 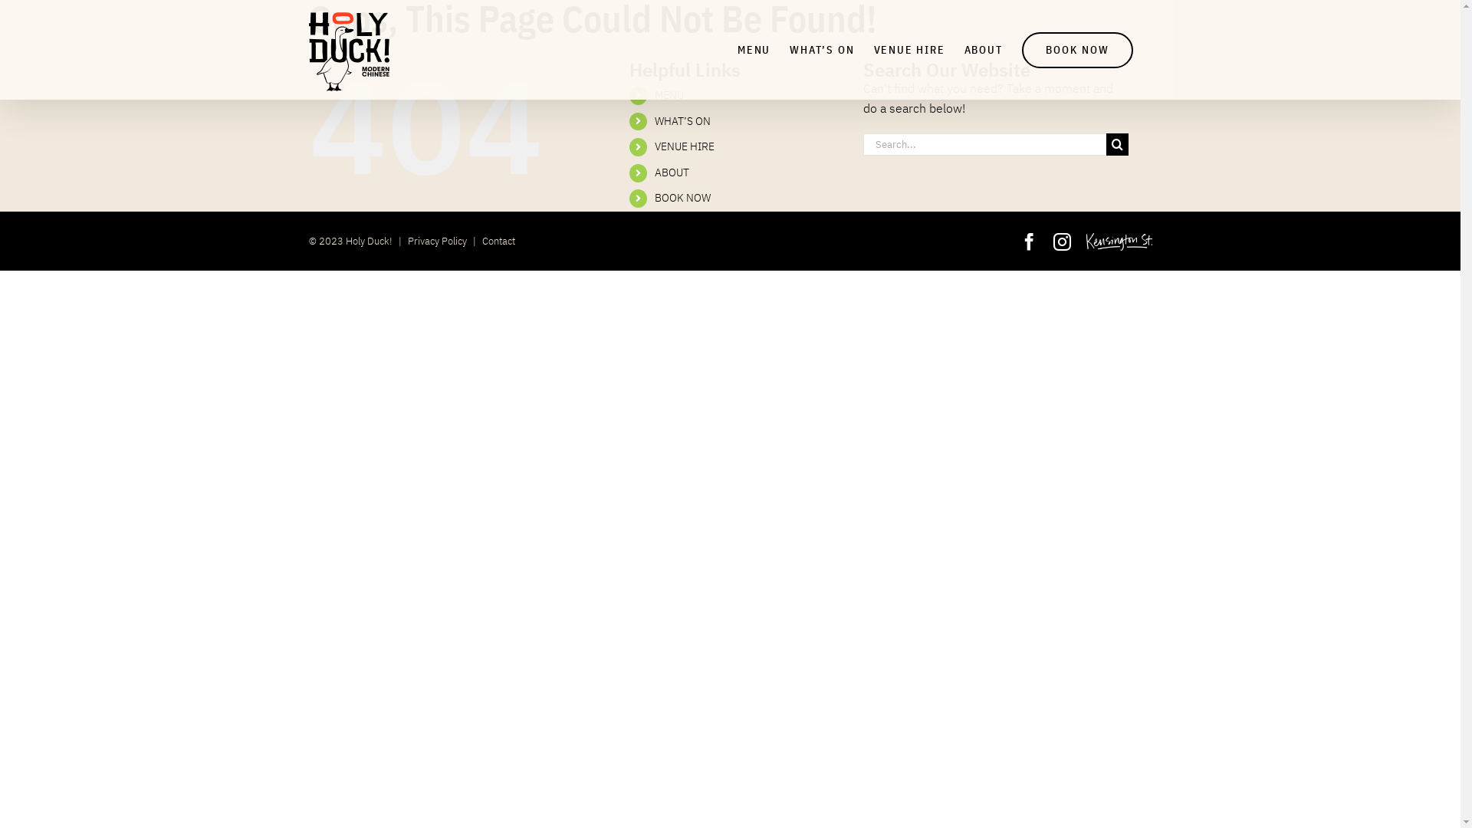 What do you see at coordinates (682, 197) in the screenshot?
I see `'BOOK NOW'` at bounding box center [682, 197].